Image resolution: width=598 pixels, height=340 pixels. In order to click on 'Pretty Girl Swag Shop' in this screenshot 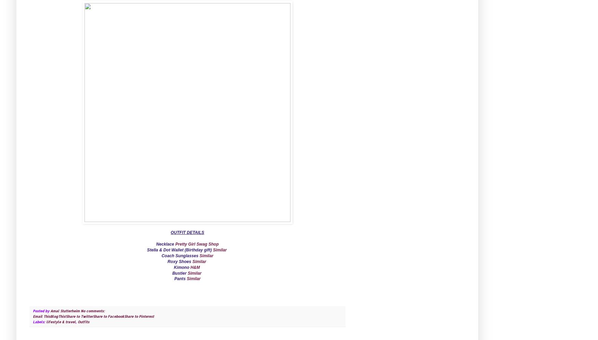, I will do `click(197, 244)`.